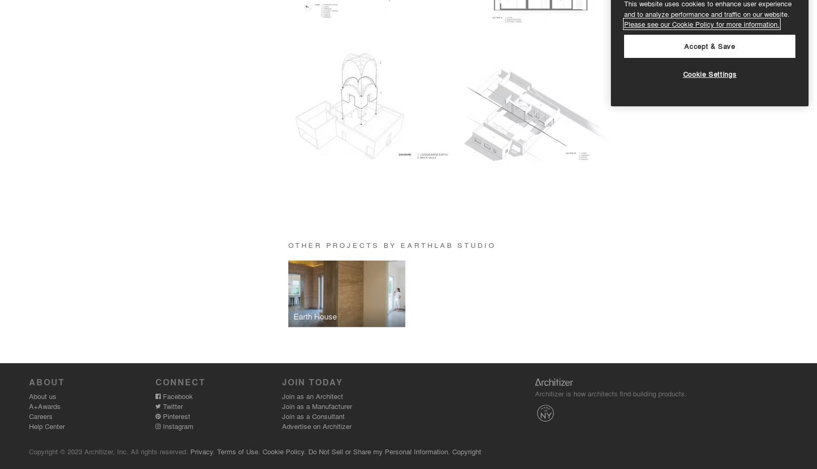 This screenshot has width=817, height=469. I want to click on 'Copyright', so click(466, 451).